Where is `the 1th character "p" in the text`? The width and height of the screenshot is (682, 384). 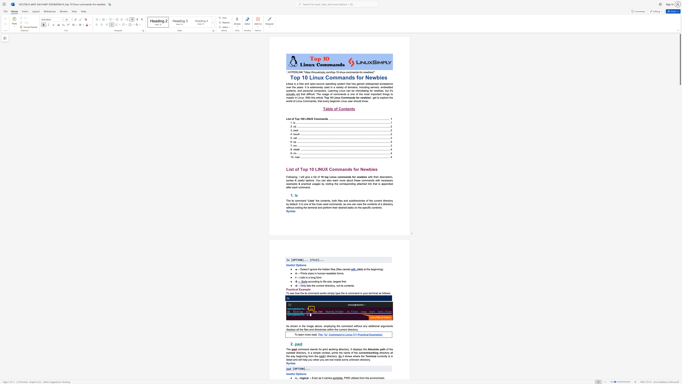 the 1th character "p" in the text is located at coordinates (381, 349).